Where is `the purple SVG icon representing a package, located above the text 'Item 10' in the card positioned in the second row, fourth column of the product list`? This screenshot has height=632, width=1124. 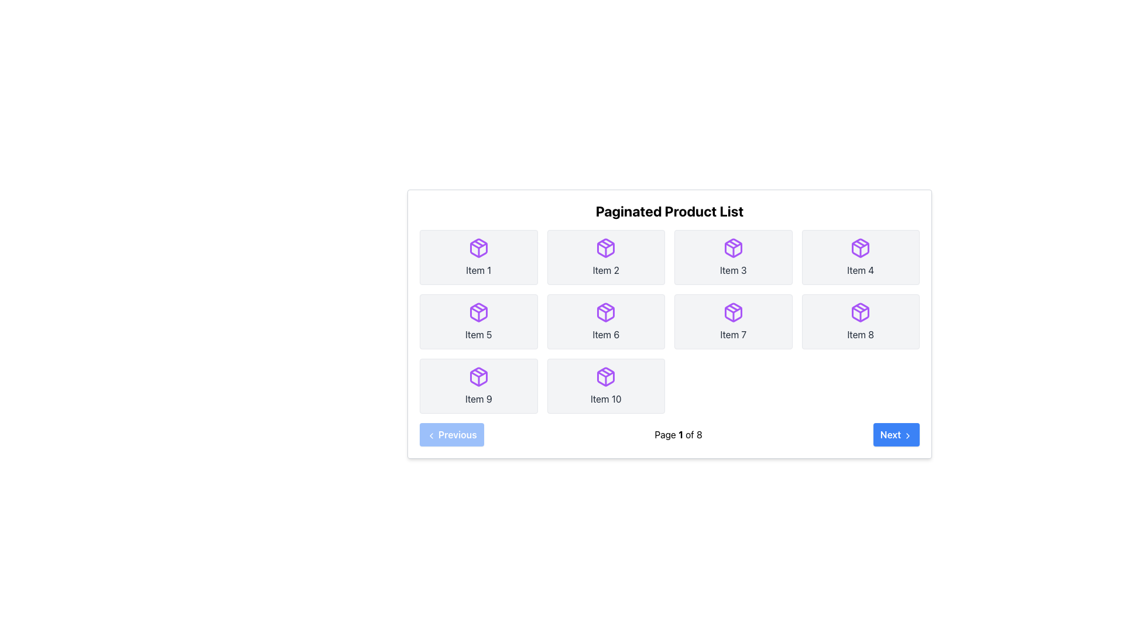 the purple SVG icon representing a package, located above the text 'Item 10' in the card positioned in the second row, fourth column of the product list is located at coordinates (606, 377).